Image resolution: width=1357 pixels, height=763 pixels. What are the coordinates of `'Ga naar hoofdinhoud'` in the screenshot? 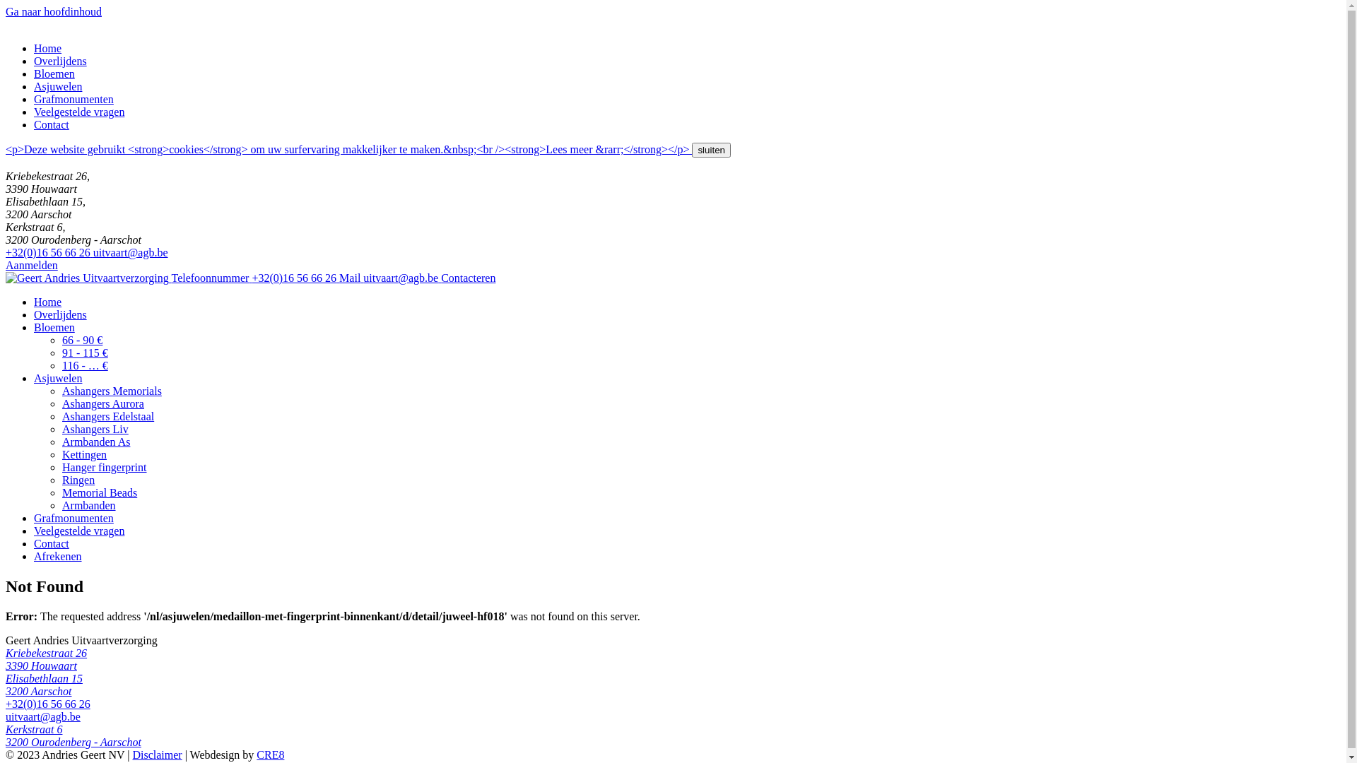 It's located at (54, 11).